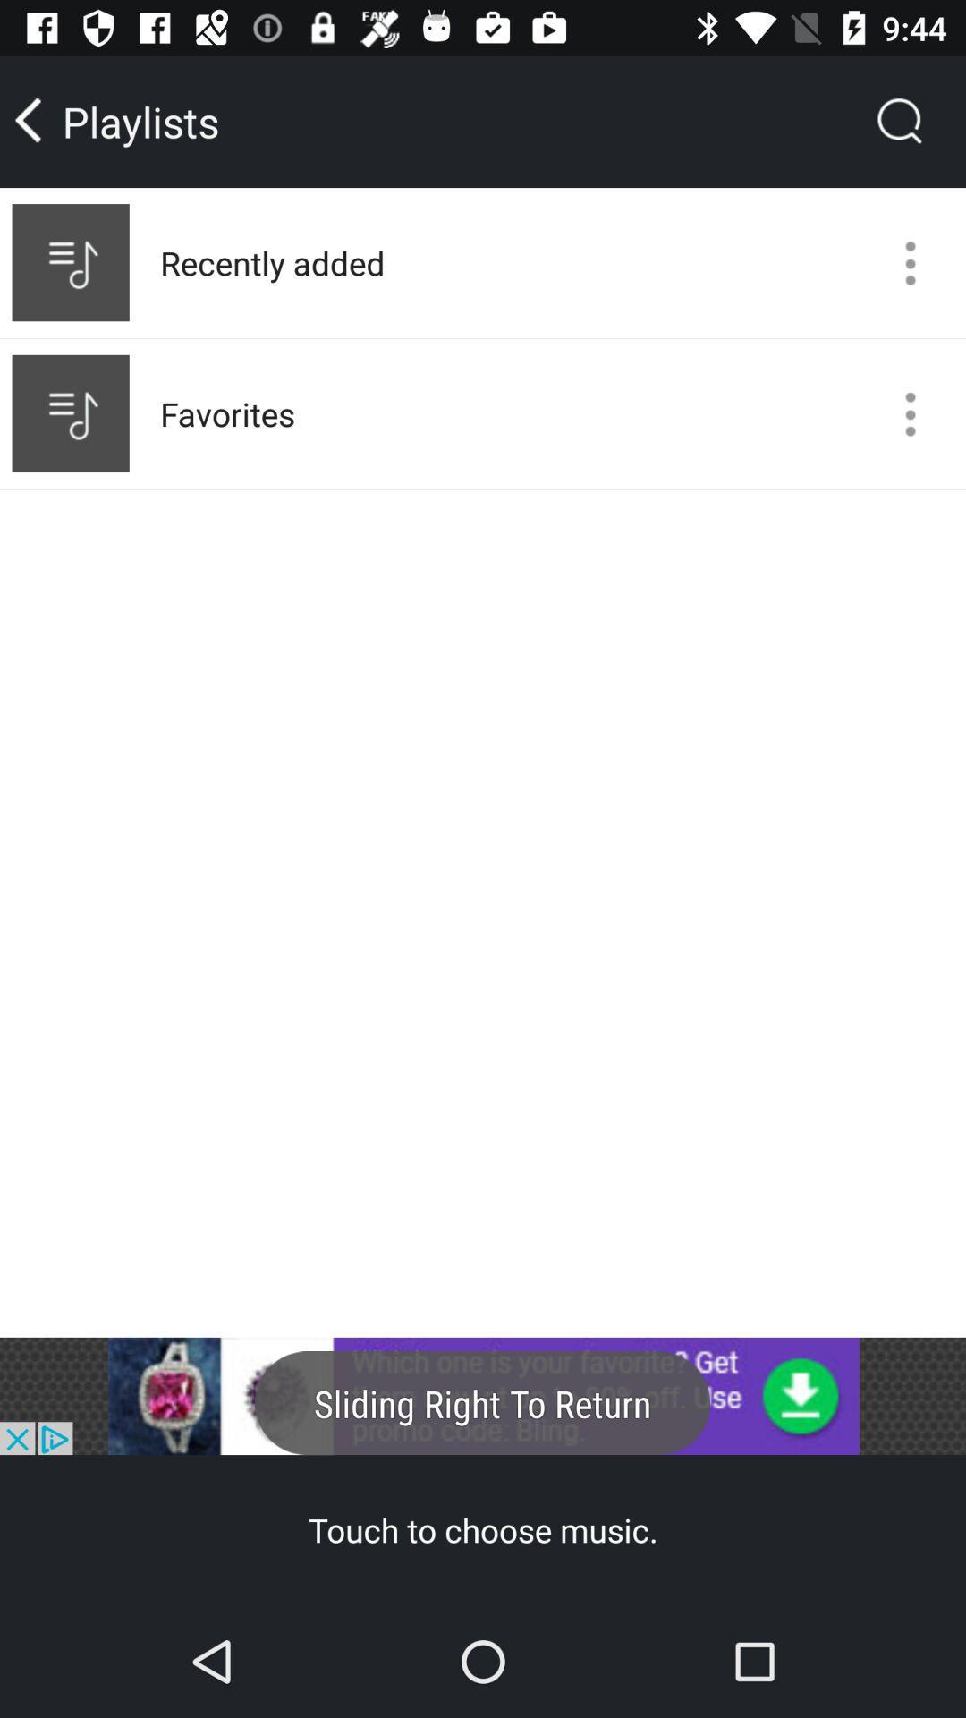 Image resolution: width=966 pixels, height=1718 pixels. What do you see at coordinates (900, 121) in the screenshot?
I see `the search icon` at bounding box center [900, 121].